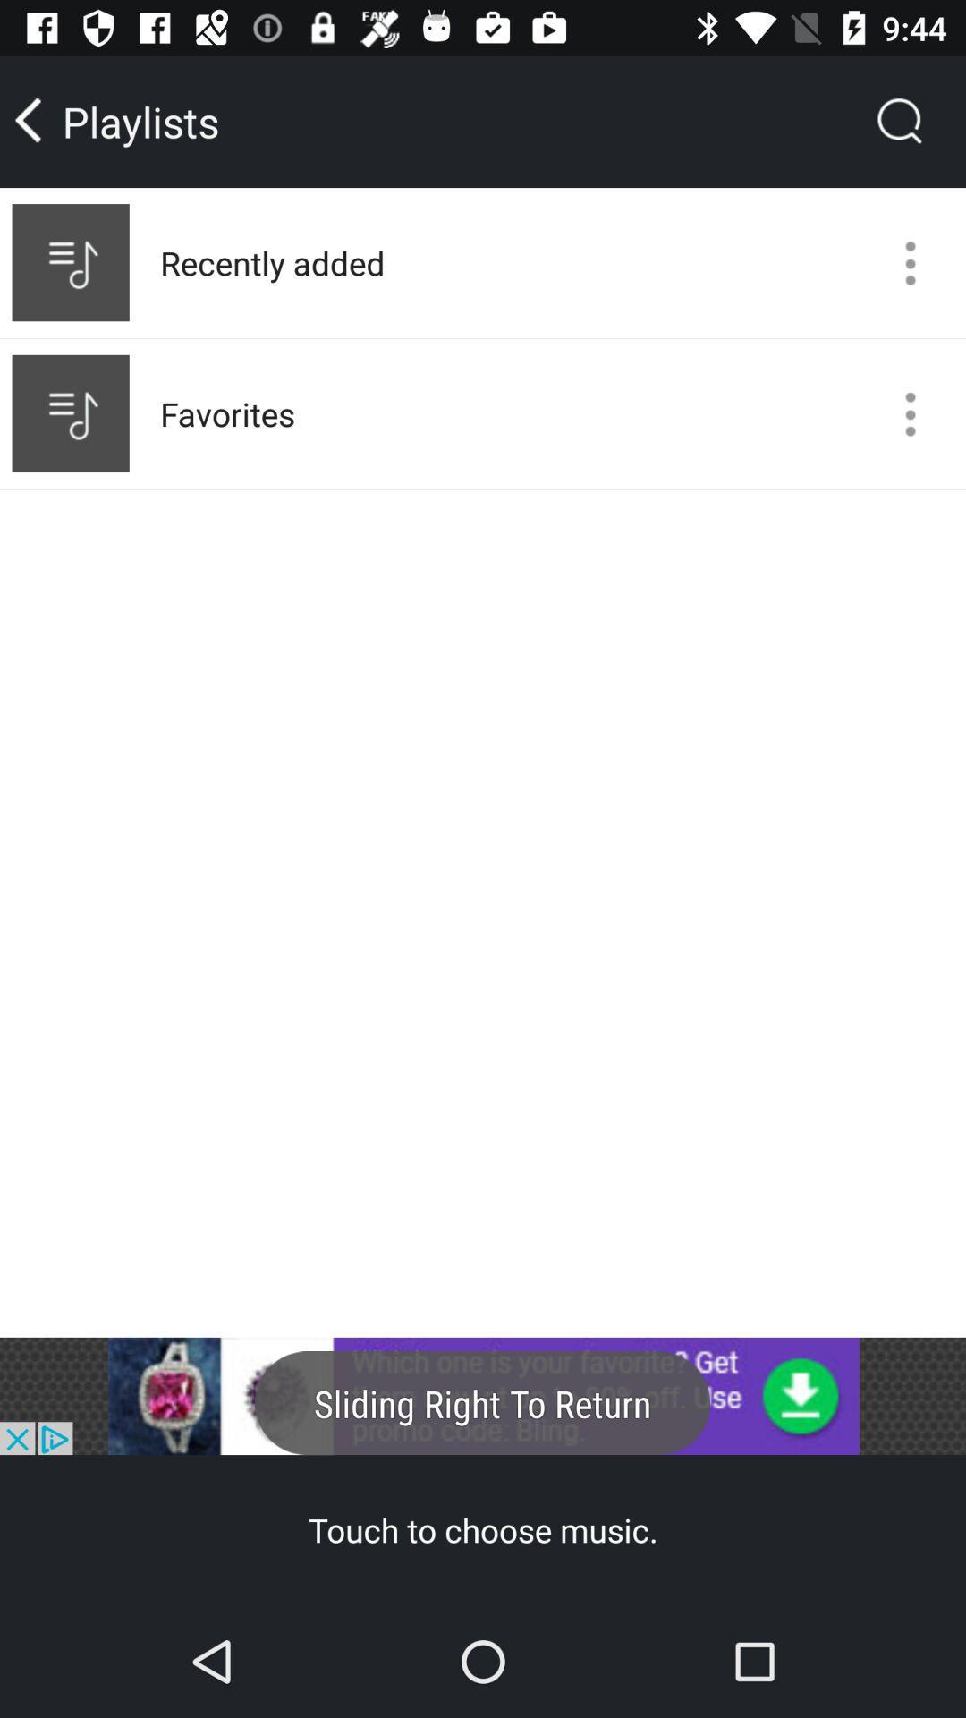 Image resolution: width=966 pixels, height=1718 pixels. What do you see at coordinates (900, 121) in the screenshot?
I see `the search icon` at bounding box center [900, 121].